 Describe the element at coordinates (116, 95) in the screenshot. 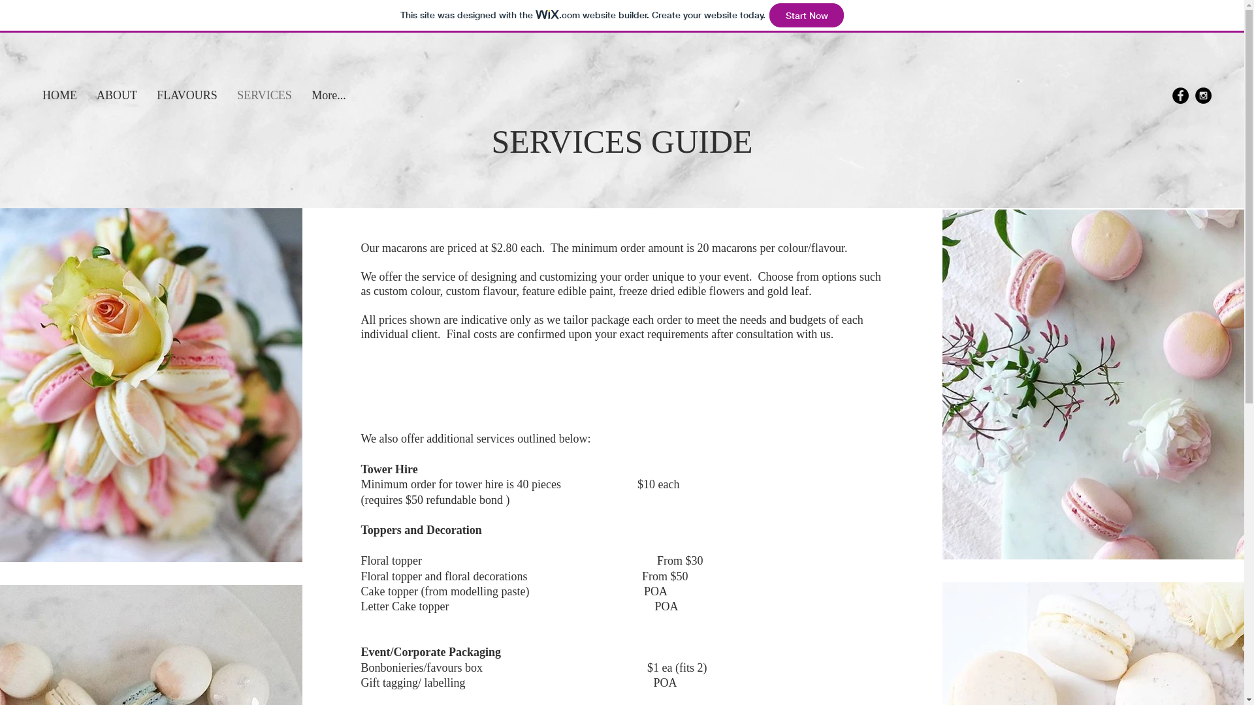

I see `'ABOUT'` at that location.